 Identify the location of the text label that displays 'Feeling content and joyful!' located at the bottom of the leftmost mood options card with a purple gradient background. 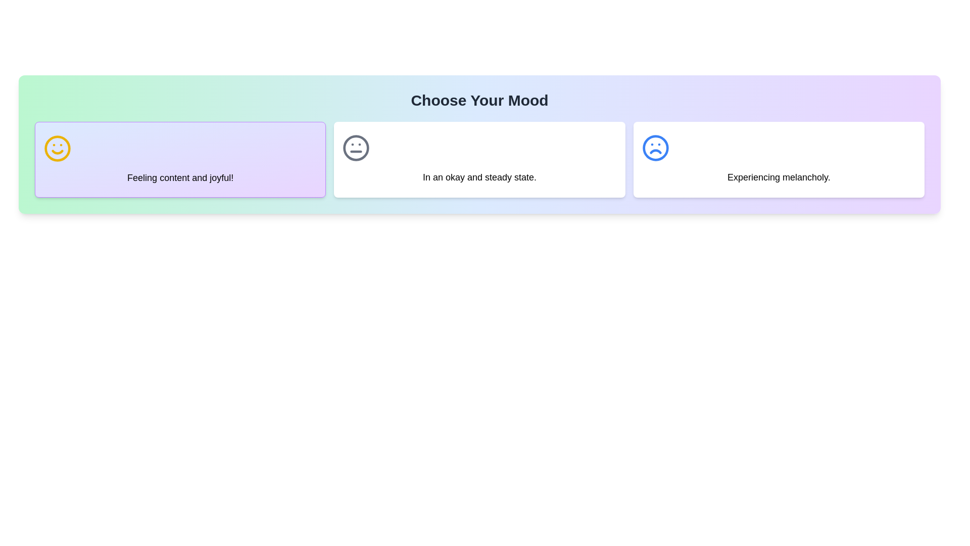
(180, 177).